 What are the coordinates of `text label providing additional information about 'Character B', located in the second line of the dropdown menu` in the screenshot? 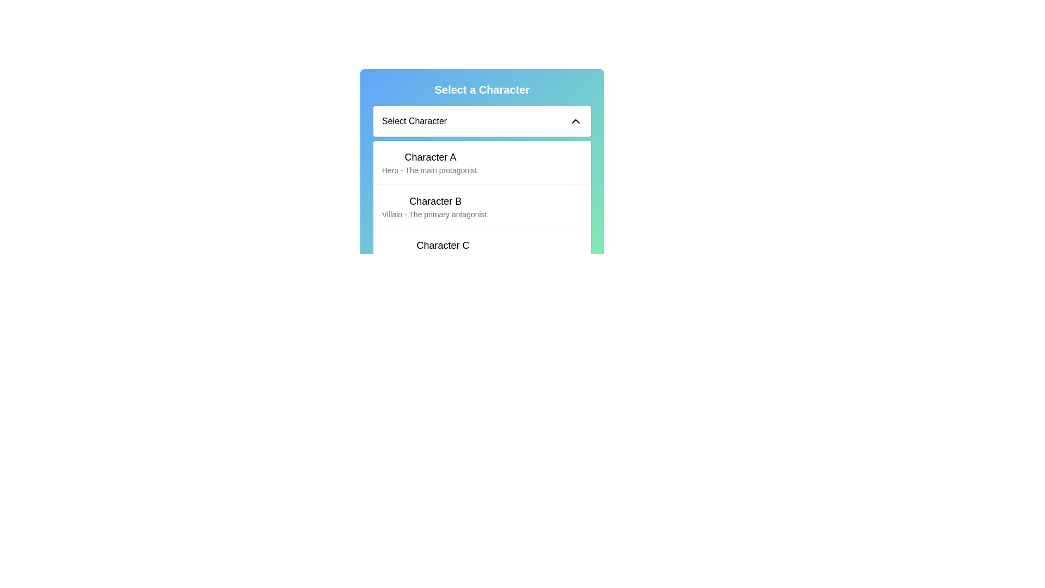 It's located at (435, 214).